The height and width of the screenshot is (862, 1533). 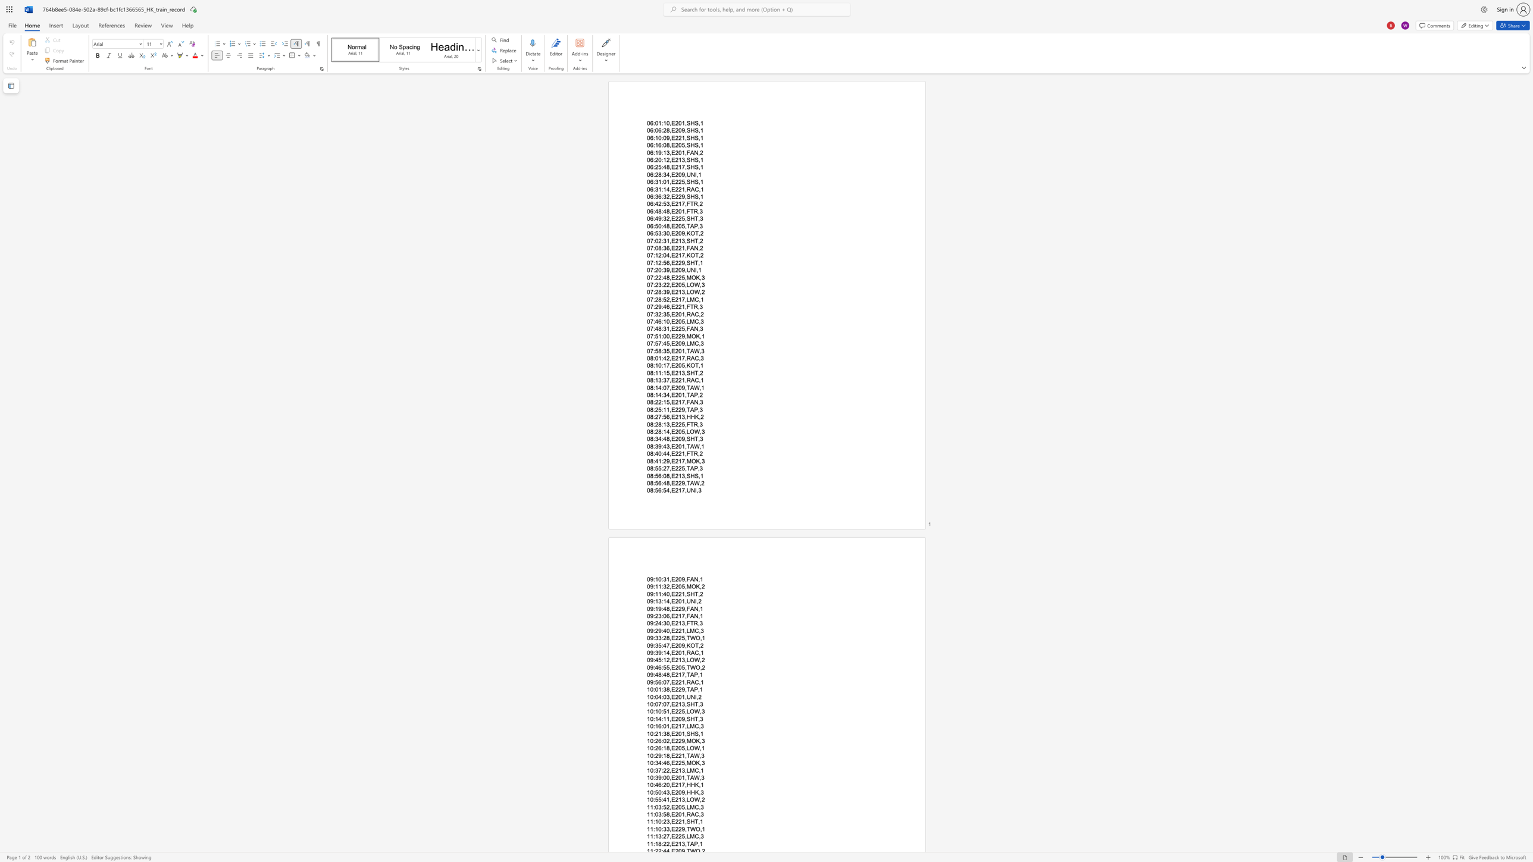 What do you see at coordinates (655, 438) in the screenshot?
I see `the space between the continuous character ":" and "3" in the text` at bounding box center [655, 438].